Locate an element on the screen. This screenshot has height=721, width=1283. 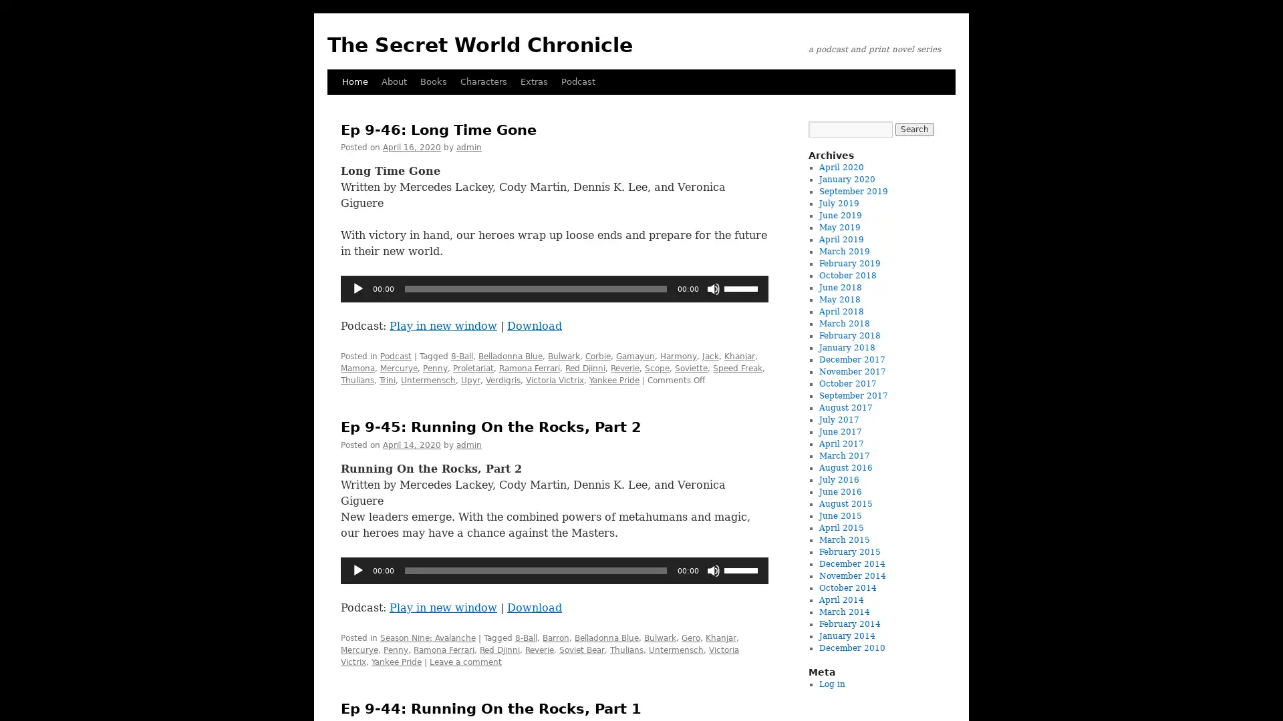
Play is located at coordinates (358, 569).